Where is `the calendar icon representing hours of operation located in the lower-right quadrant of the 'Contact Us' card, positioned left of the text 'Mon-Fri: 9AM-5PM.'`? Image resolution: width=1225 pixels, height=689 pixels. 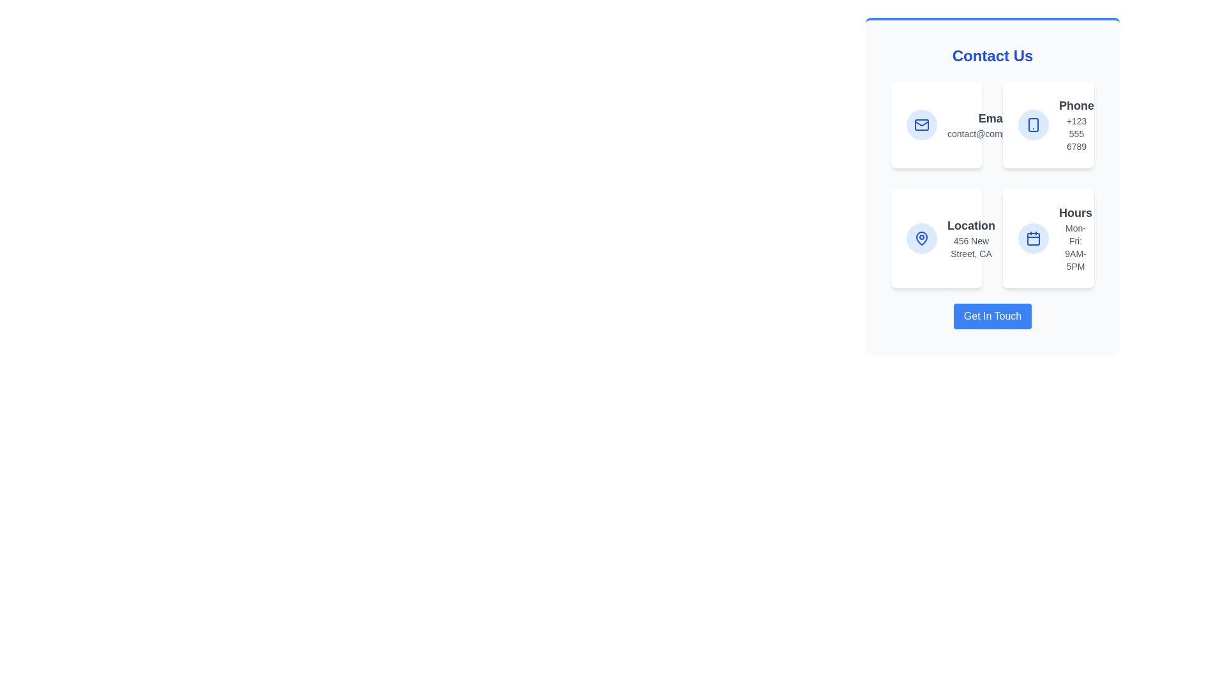
the calendar icon representing hours of operation located in the lower-right quadrant of the 'Contact Us' card, positioned left of the text 'Mon-Fri: 9AM-5PM.' is located at coordinates (1034, 239).